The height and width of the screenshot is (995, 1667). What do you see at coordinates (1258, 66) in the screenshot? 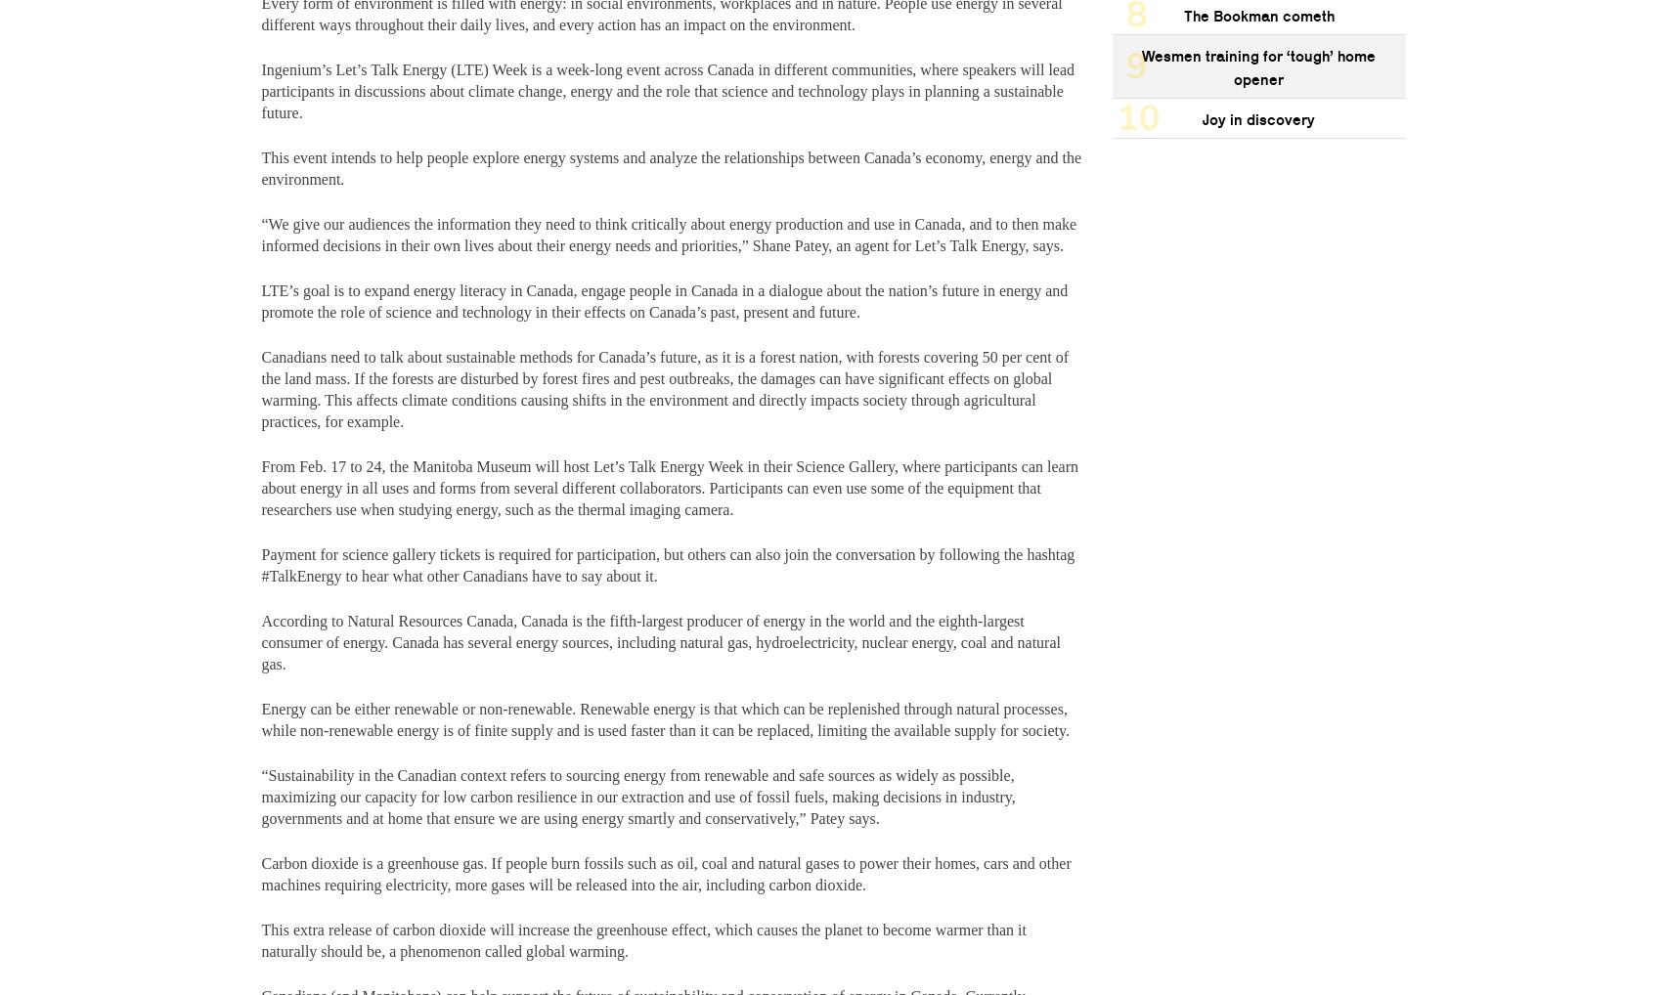
I see `'Wesmen training for ‘tough’ home opener'` at bounding box center [1258, 66].